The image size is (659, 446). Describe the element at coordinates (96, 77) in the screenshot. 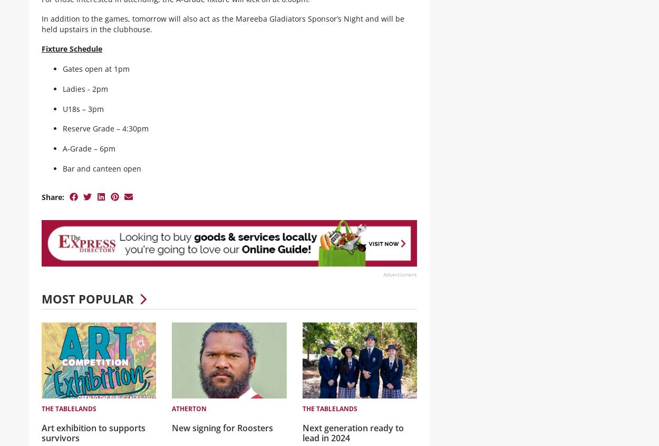

I see `'Gates open at 1pm'` at that location.